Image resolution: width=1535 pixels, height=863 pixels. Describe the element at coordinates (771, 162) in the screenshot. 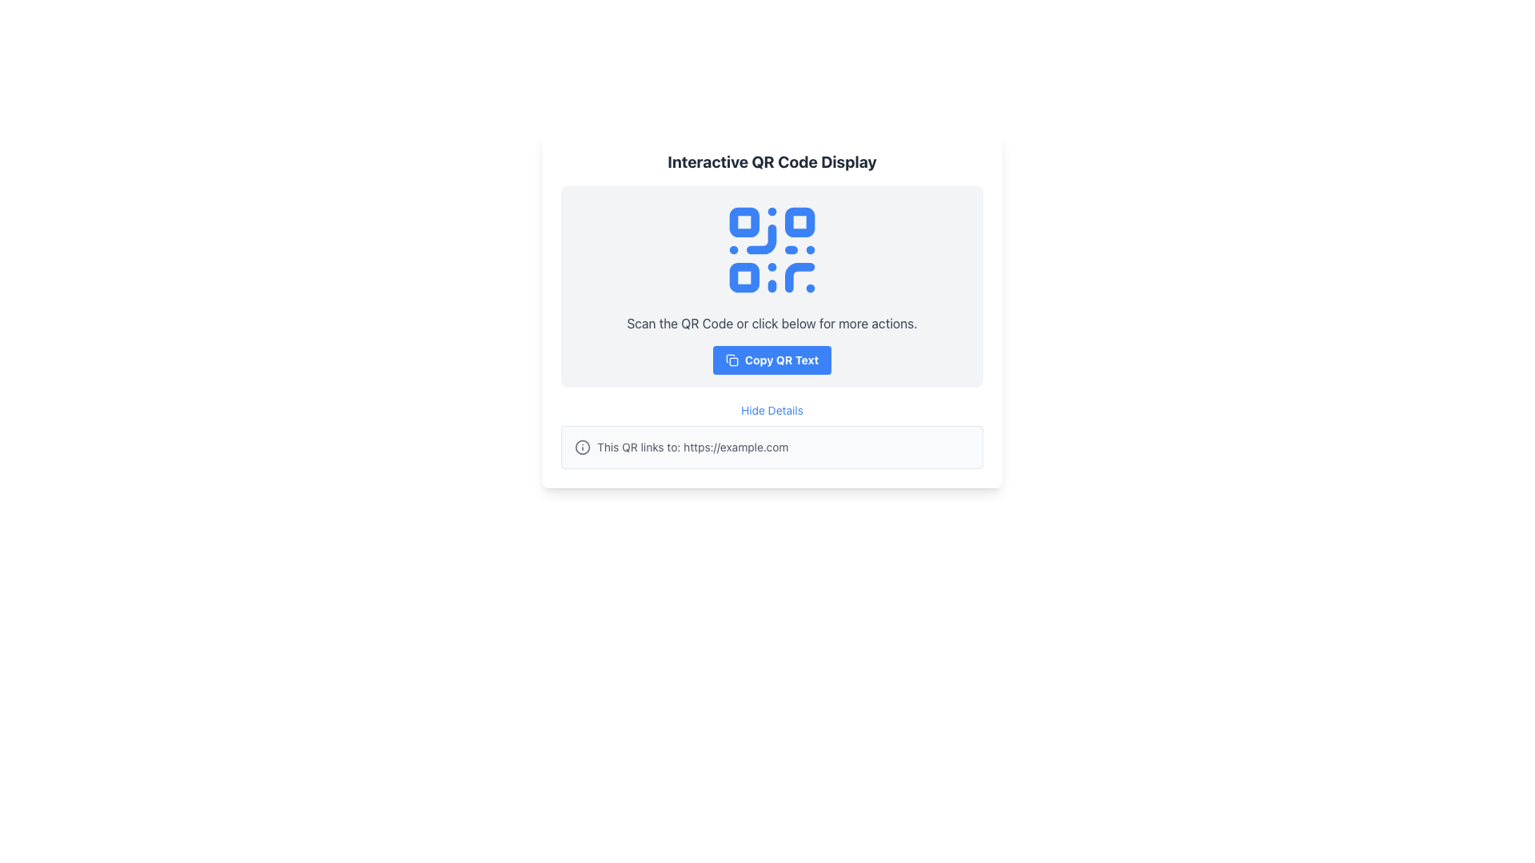

I see `the header text 'Interactive QR Code Display', which is styled with bold, large font and is the topmost element in a bordered white card interface` at that location.